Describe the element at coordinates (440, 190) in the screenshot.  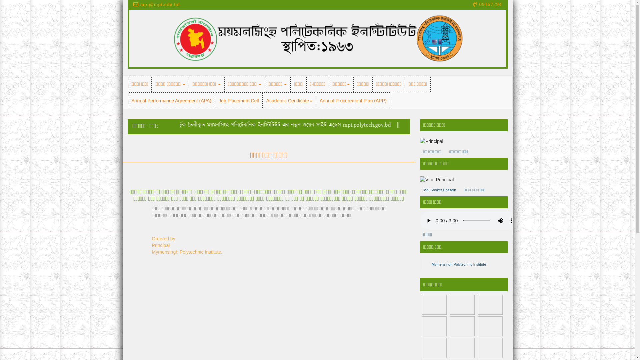
I see `'Md. Shoket Hossain'` at that location.